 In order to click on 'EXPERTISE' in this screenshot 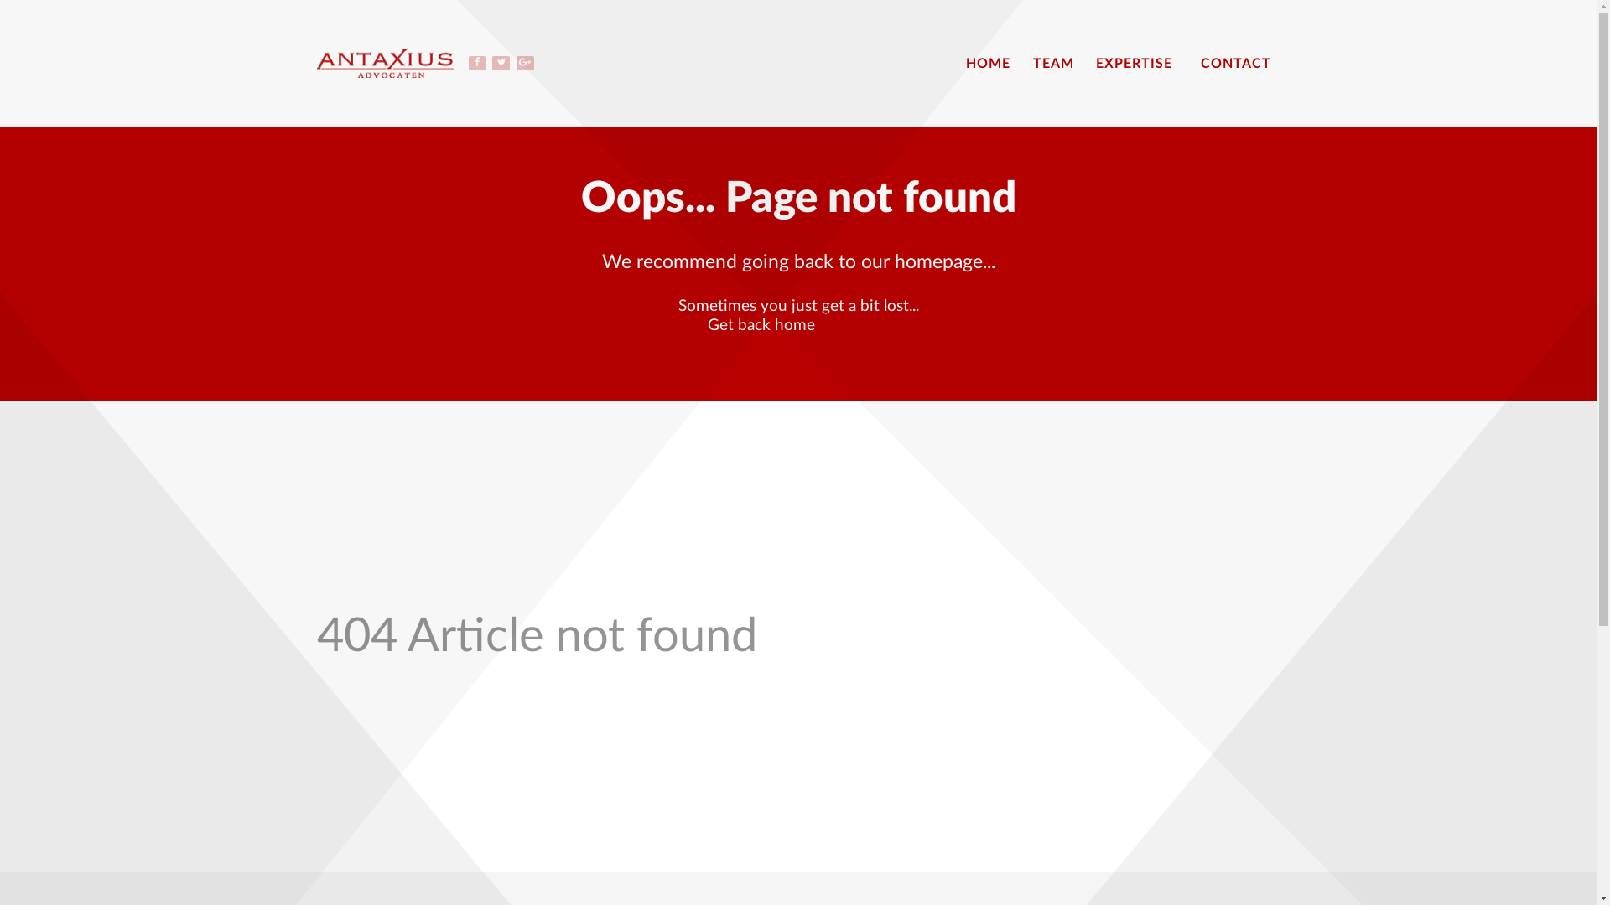, I will do `click(1137, 63)`.